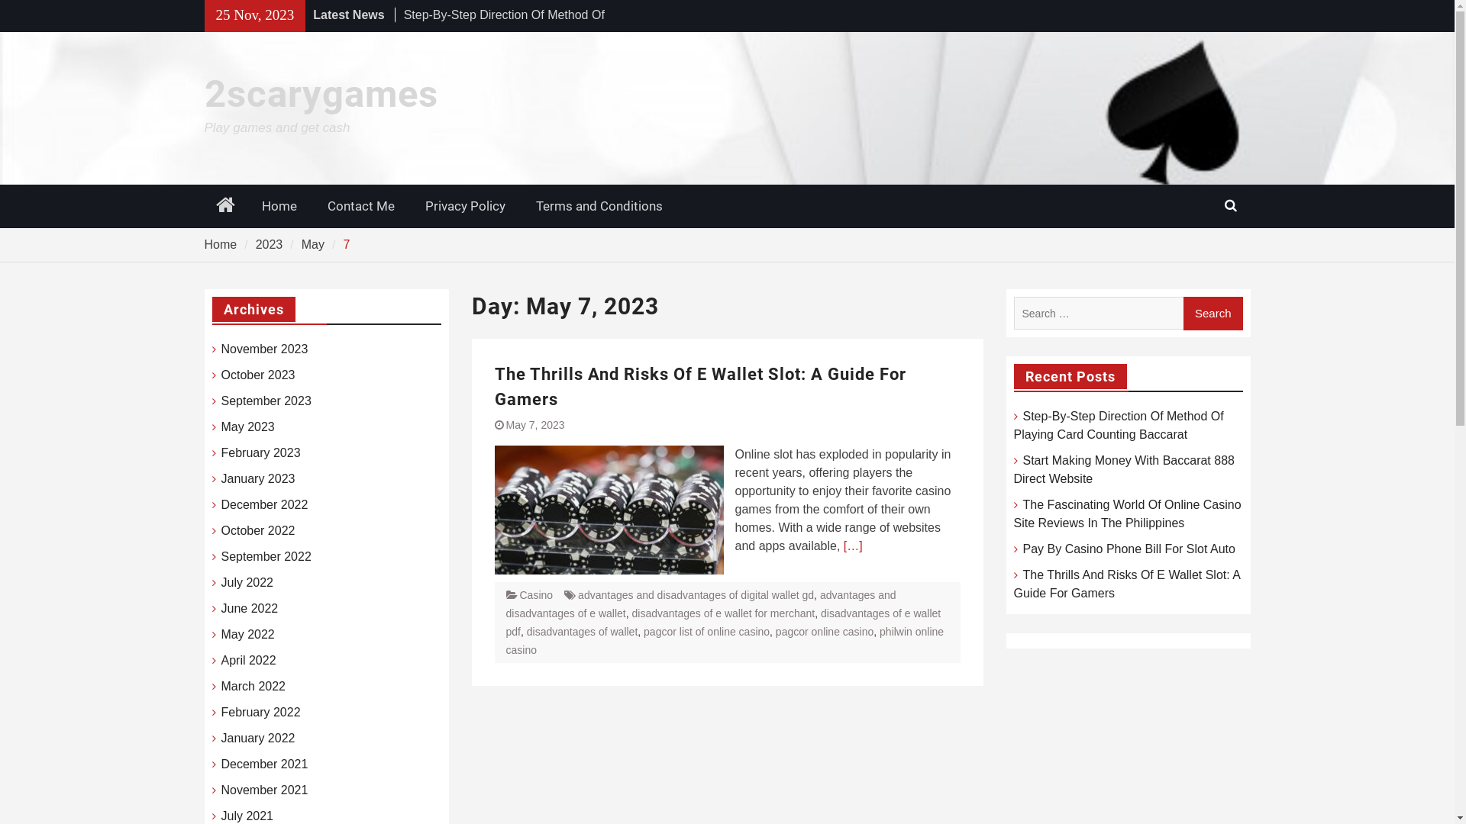  Describe the element at coordinates (270, 243) in the screenshot. I see `'2023'` at that location.